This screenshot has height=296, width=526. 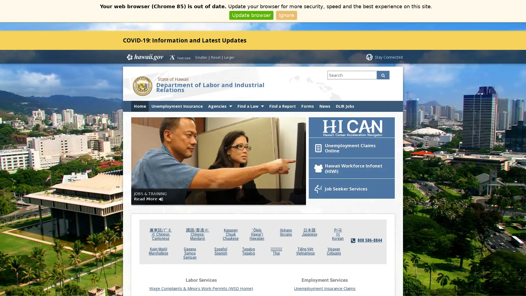 What do you see at coordinates (286, 15) in the screenshot?
I see `Ignore` at bounding box center [286, 15].